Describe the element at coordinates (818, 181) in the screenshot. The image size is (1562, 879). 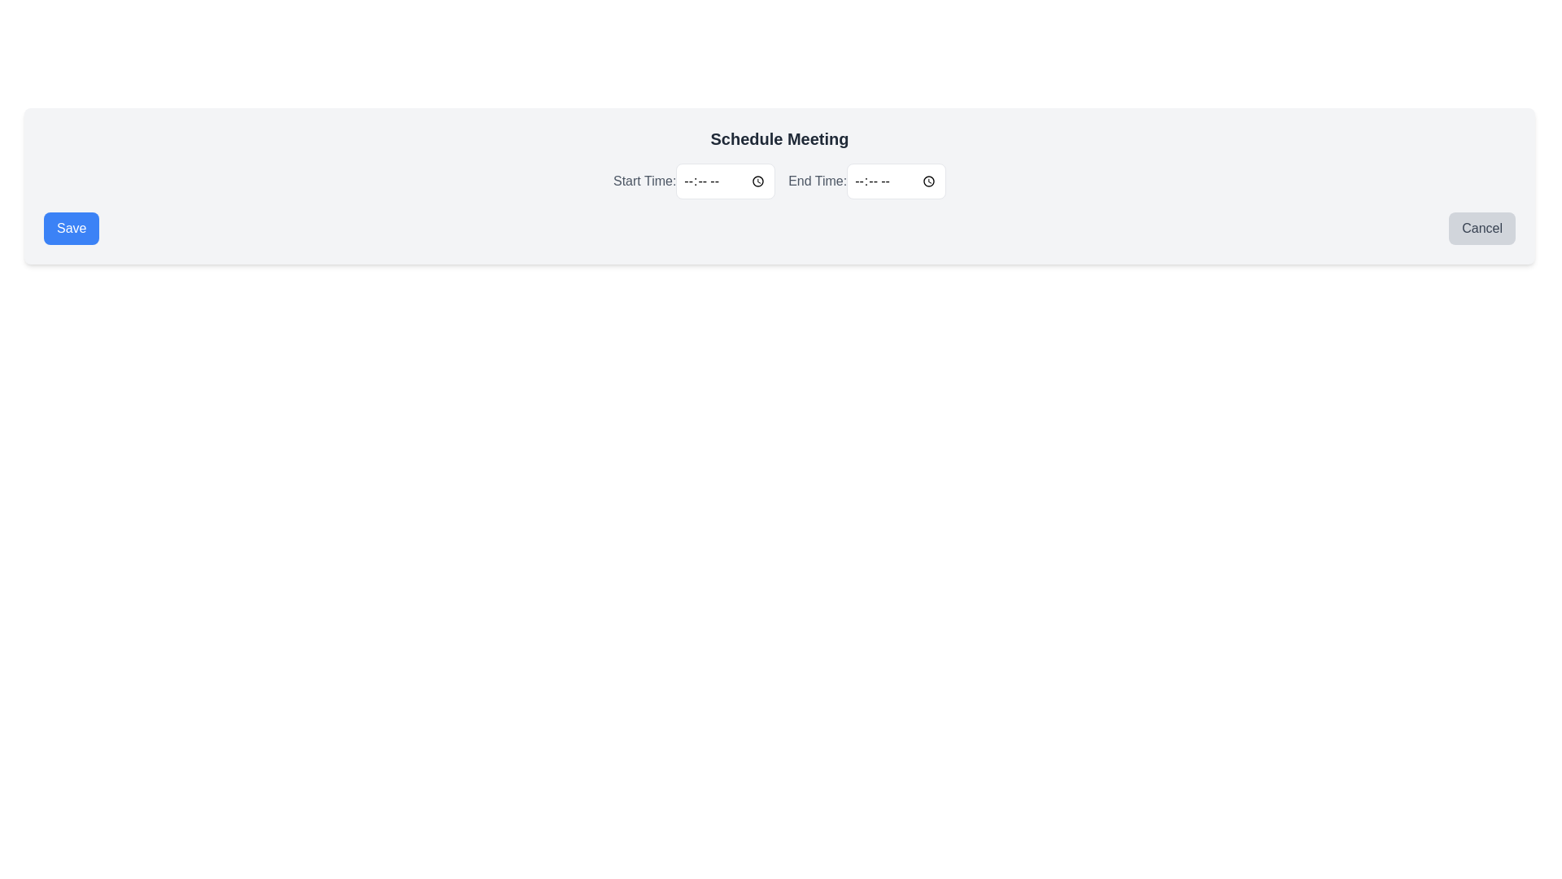
I see `the 'End Time:' text label, which is styled in gray and serves as a label for a time input field, located to the right of the 'Start Time:' label` at that location.